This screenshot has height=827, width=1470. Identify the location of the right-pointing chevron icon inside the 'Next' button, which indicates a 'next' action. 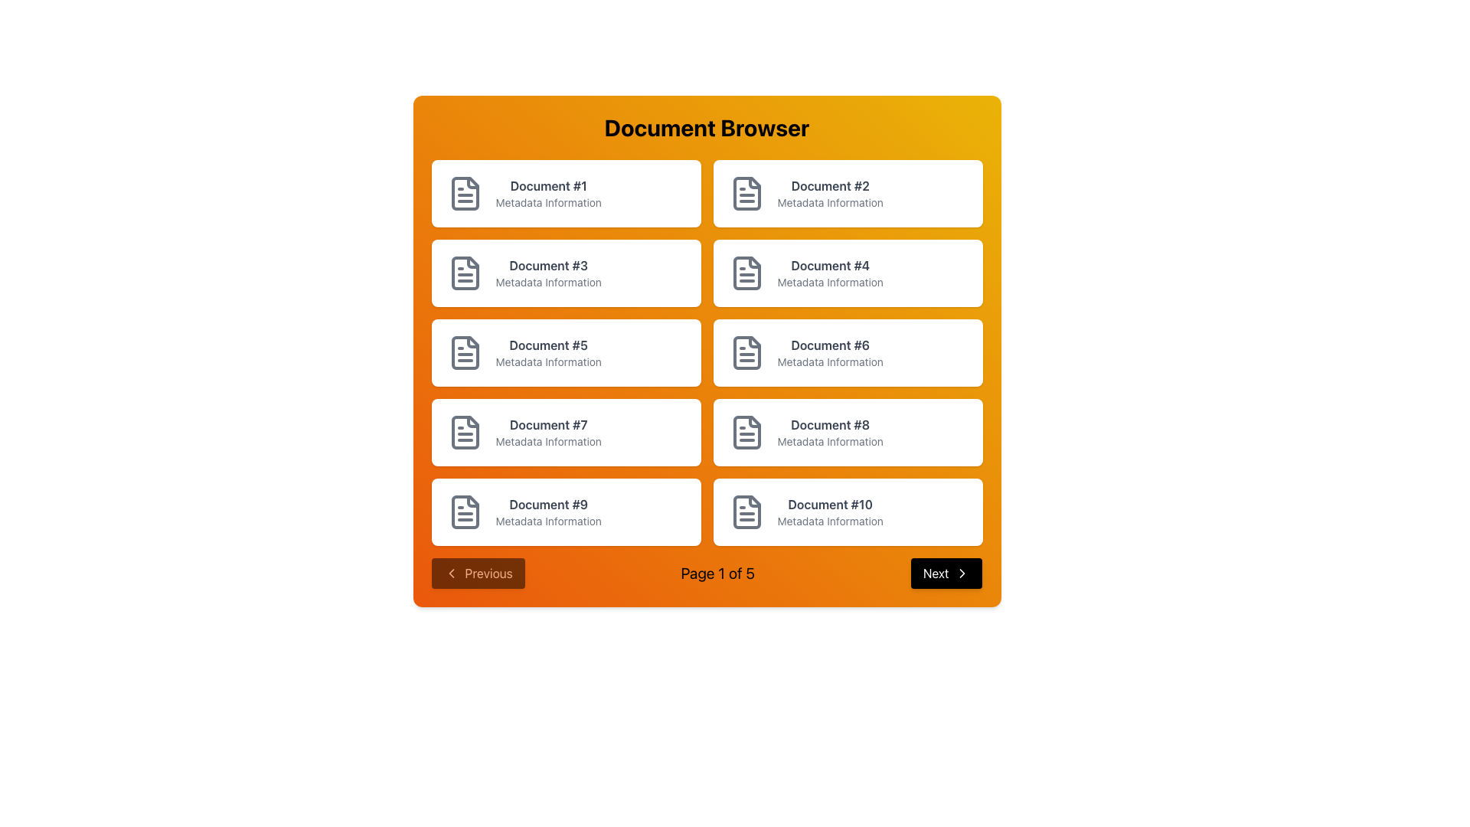
(962, 573).